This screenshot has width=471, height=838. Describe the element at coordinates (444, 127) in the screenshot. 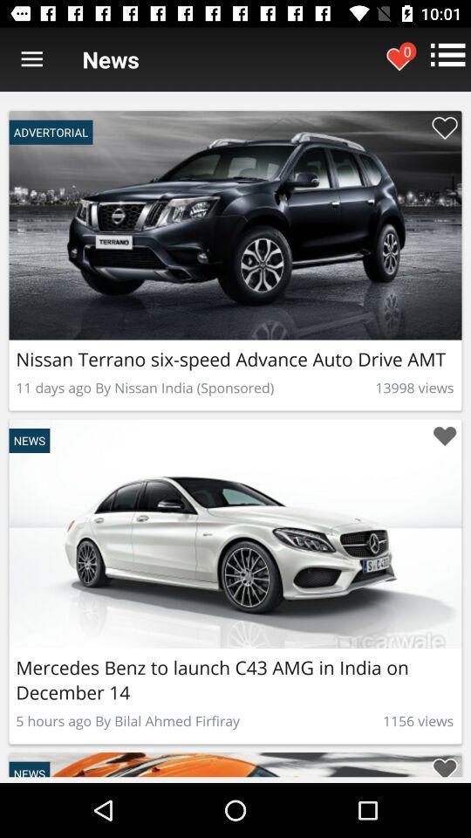

I see `to favorites` at that location.